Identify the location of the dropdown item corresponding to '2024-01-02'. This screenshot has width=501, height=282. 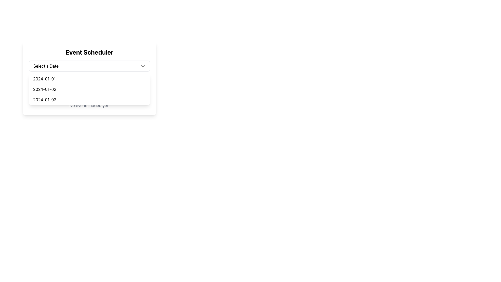
(89, 89).